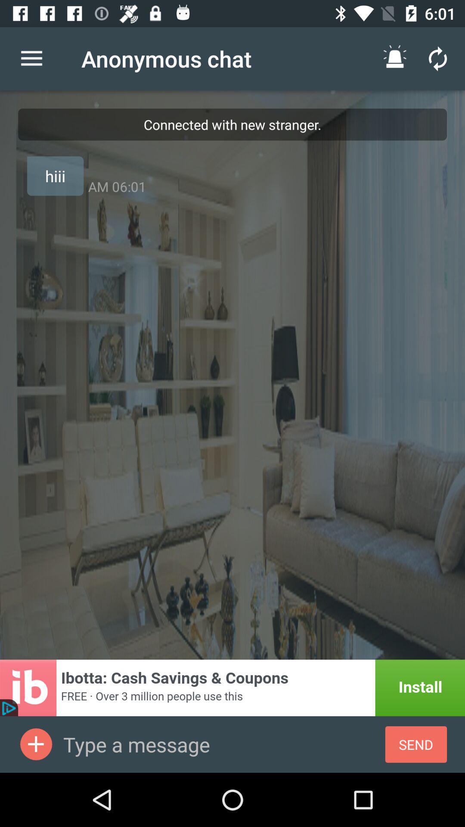 The width and height of the screenshot is (465, 827). What do you see at coordinates (36, 744) in the screenshot?
I see `the add icon` at bounding box center [36, 744].